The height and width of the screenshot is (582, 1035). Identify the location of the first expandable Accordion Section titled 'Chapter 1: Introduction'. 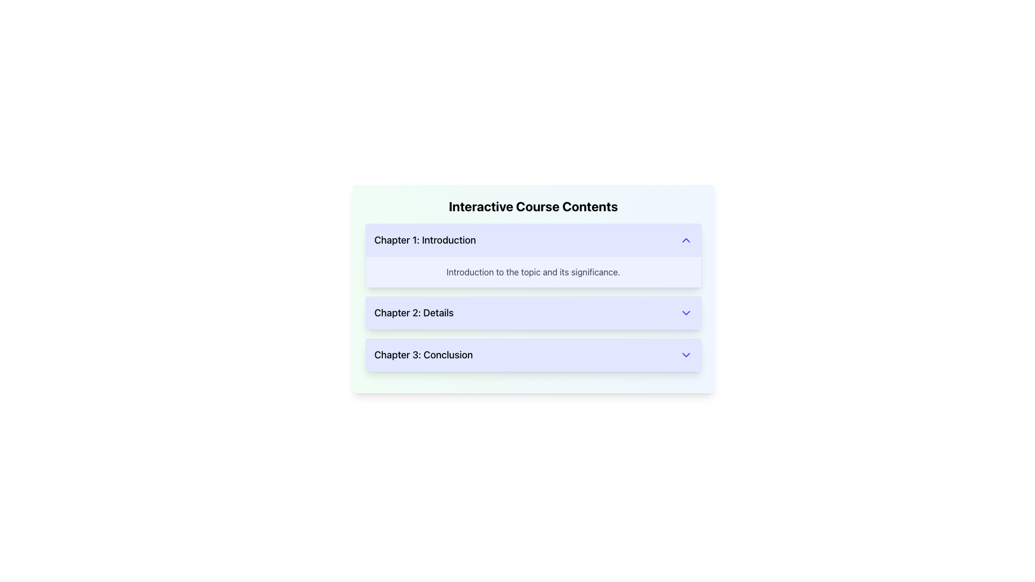
(533, 255).